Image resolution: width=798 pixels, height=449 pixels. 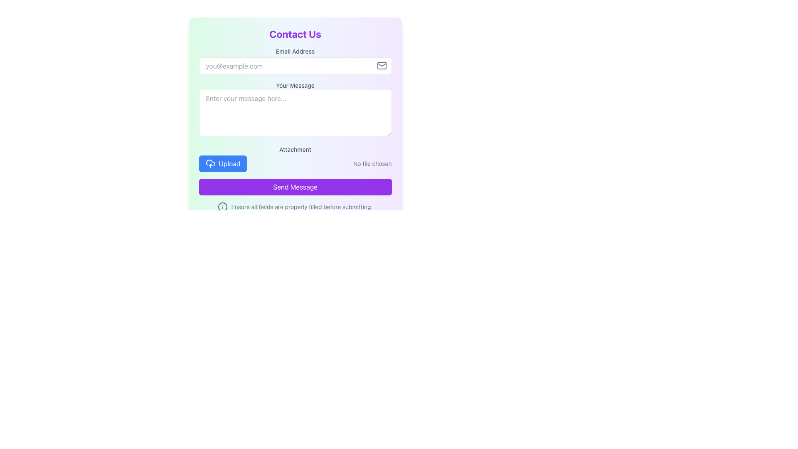 I want to click on the text label that displays the word 'Attachment', styled with a small font size and light gray color, located at the top edge of the file upload section, directly above the 'Upload' button, so click(x=295, y=149).